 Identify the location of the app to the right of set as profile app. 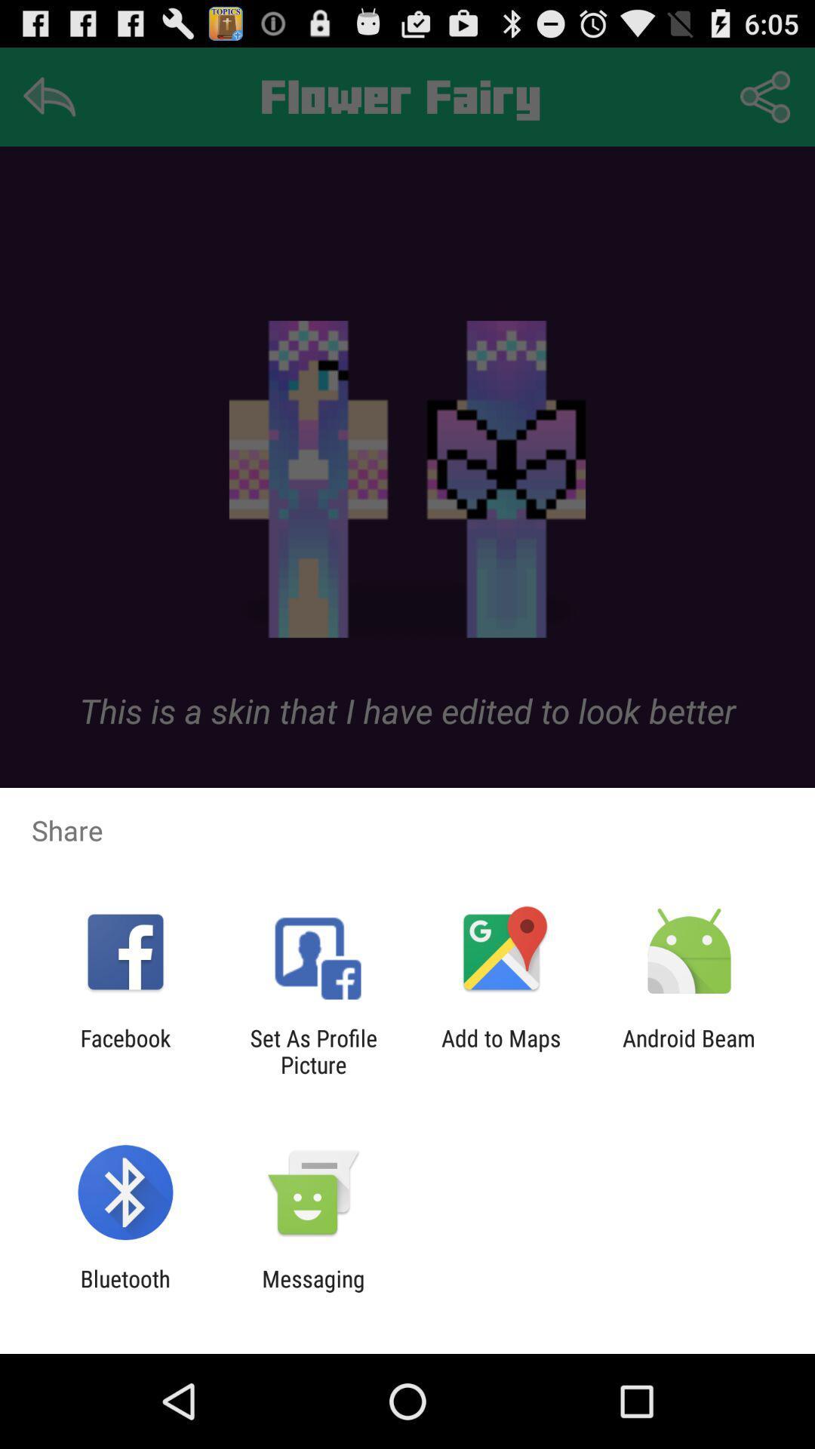
(501, 1051).